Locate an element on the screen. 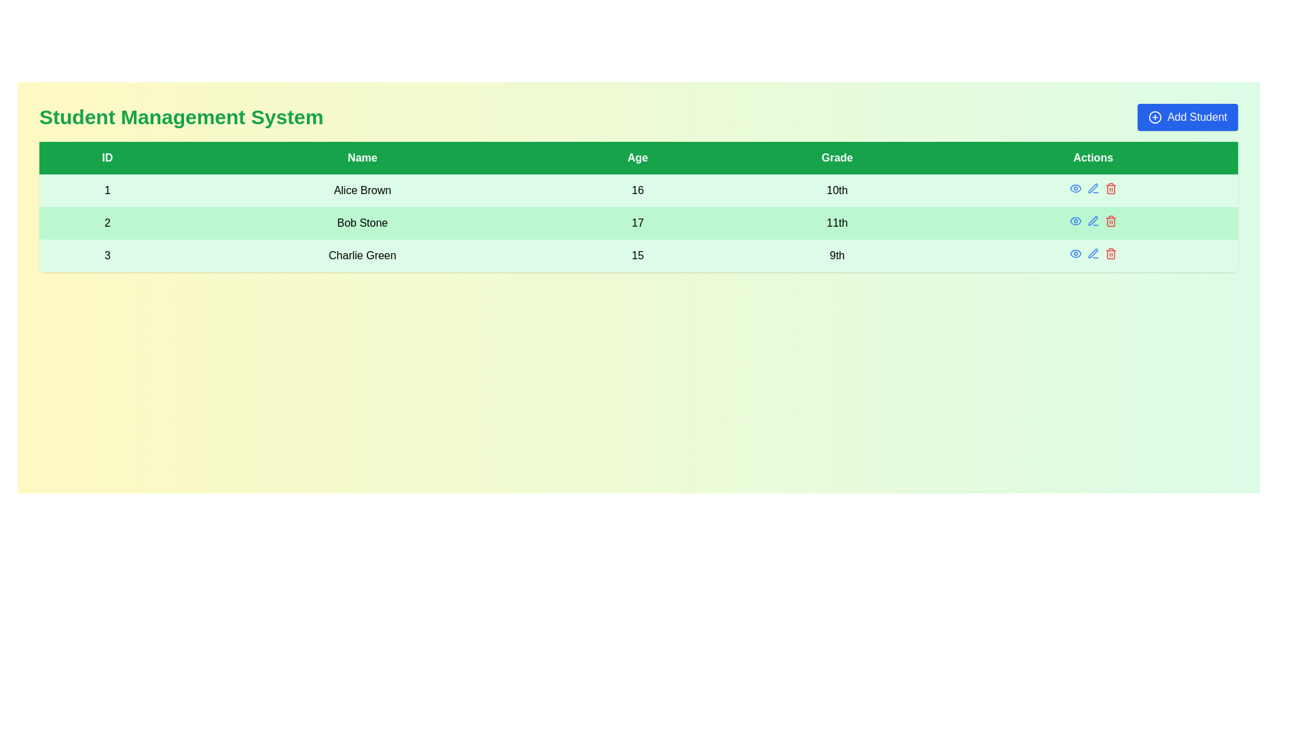 This screenshot has width=1304, height=733. the delete icon located in the third row of the table under the actions column to initiate the delete action for the entry Charlie Green is located at coordinates (1110, 254).